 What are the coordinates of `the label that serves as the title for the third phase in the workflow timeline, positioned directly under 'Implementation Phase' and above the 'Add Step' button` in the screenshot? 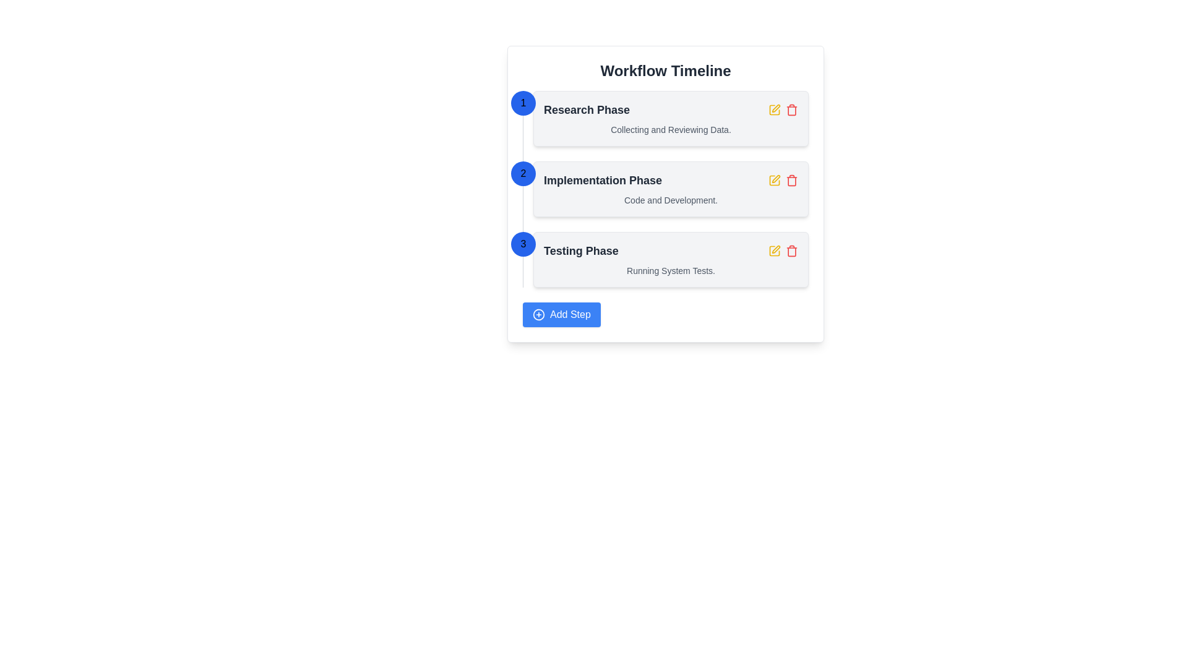 It's located at (580, 250).